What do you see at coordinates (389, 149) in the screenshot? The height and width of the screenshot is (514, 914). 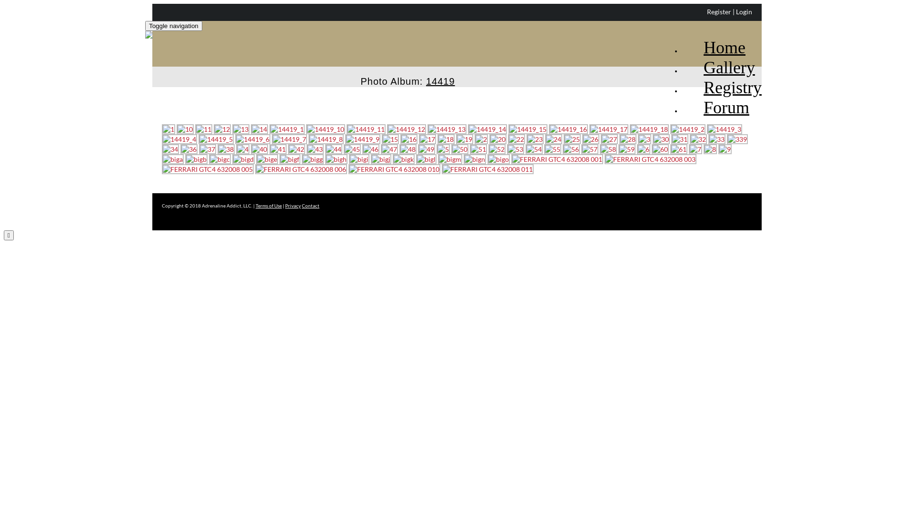 I see `'47 (click to enlarge)'` at bounding box center [389, 149].